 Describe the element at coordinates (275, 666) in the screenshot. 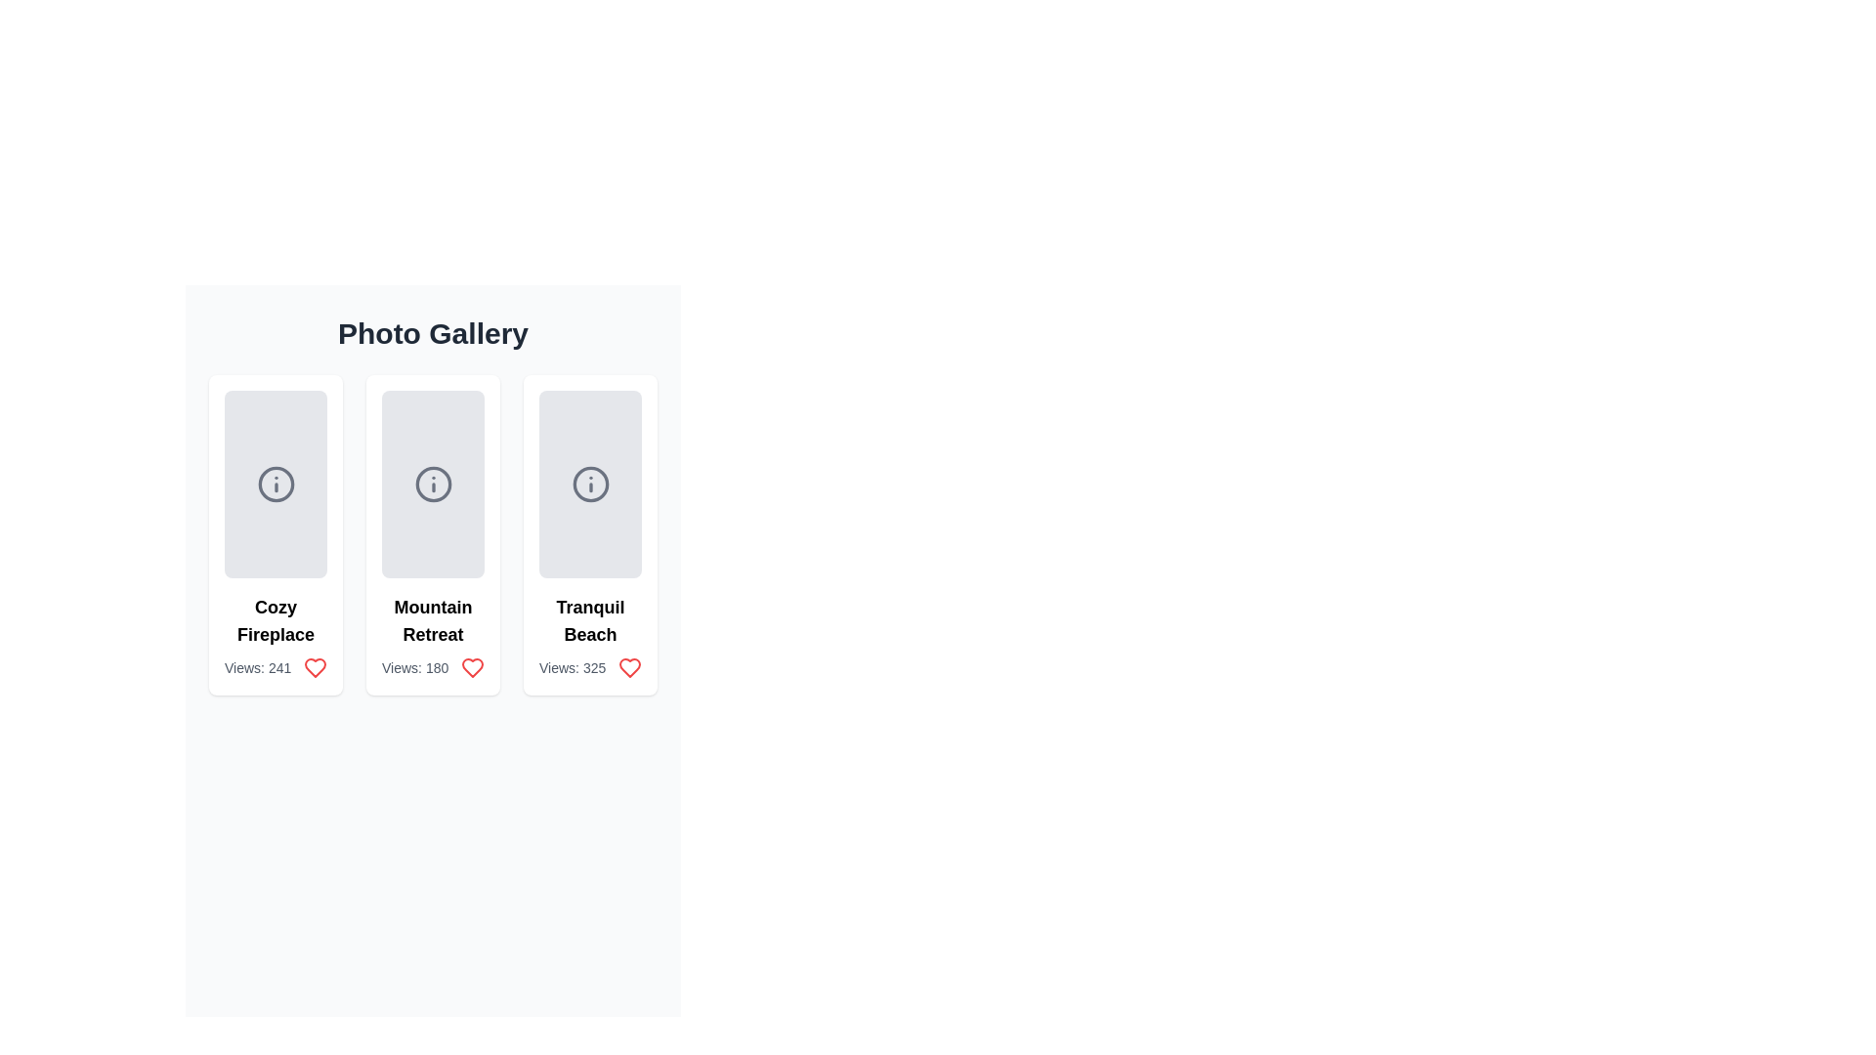

I see `number of views displayed in the Text Label located at the bottom section of the 'Cozy Fireplace' card, aligned with the heart icon on its right` at that location.